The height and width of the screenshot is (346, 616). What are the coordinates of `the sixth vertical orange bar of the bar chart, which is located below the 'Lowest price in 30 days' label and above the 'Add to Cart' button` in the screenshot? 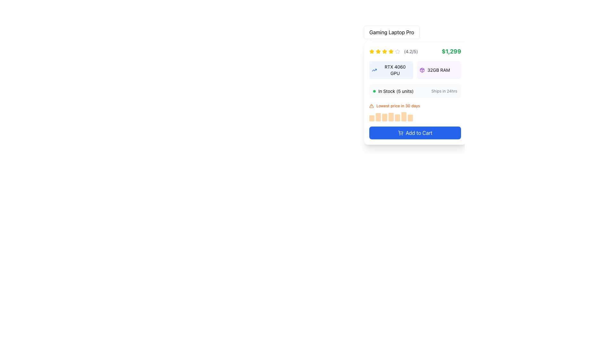 It's located at (404, 117).